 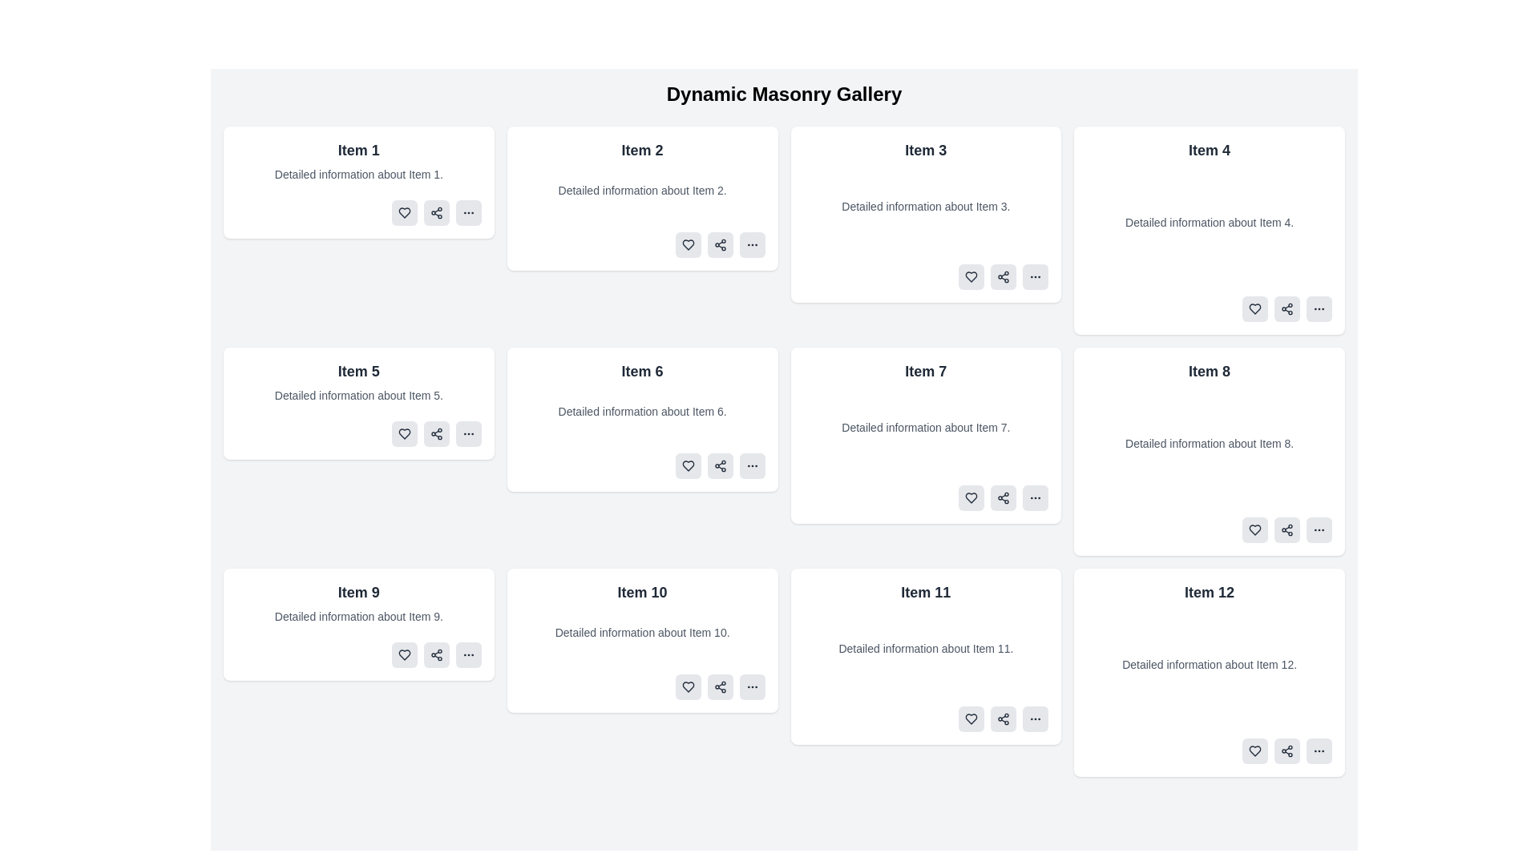 I want to click on the share icon button, which is represented by a triangular shape formed by three dots connected by two lines, located inside a rounded gray rectangle at the bottom-right corner of the 'Item 5' card in the masonry grid layout, so click(x=436, y=434).